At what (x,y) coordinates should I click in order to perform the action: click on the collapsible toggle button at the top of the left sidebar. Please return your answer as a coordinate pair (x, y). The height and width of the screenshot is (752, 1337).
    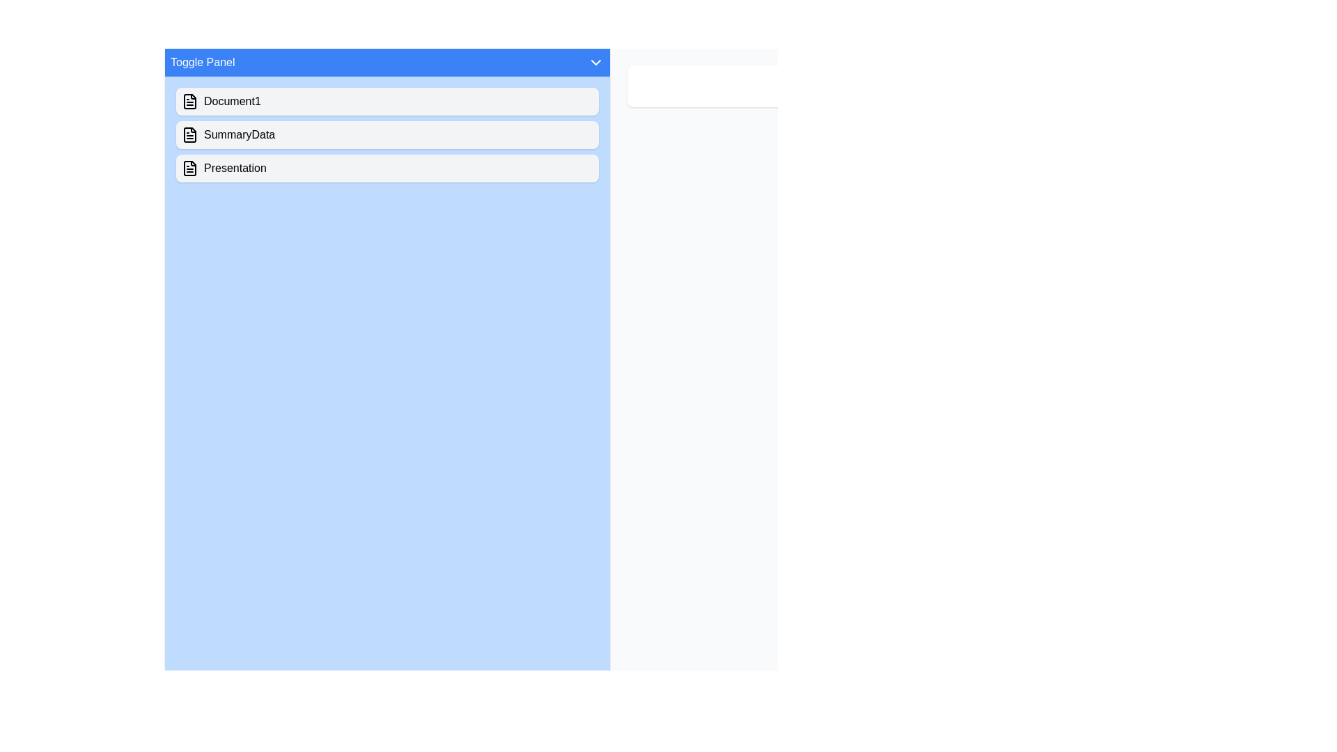
    Looking at the image, I should click on (387, 61).